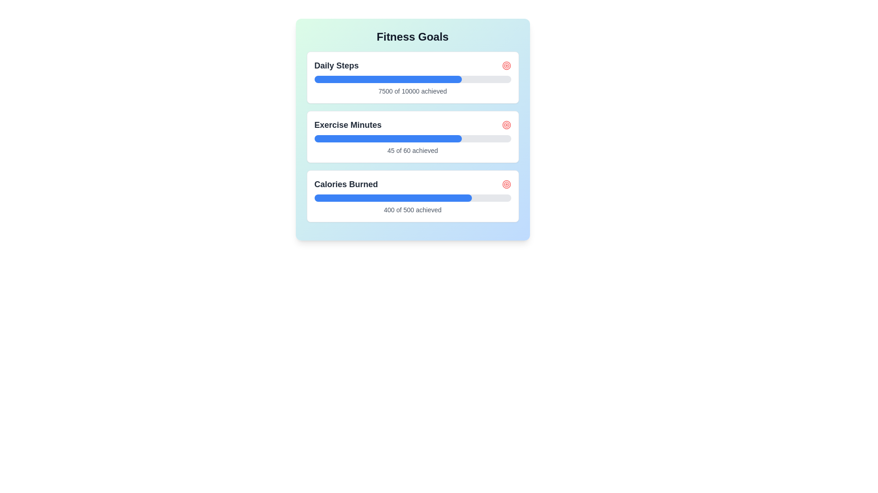 Image resolution: width=878 pixels, height=493 pixels. I want to click on the red circular target icon located at the far right of the 'Calories Burned' section in the fitness goals list, so click(506, 184).